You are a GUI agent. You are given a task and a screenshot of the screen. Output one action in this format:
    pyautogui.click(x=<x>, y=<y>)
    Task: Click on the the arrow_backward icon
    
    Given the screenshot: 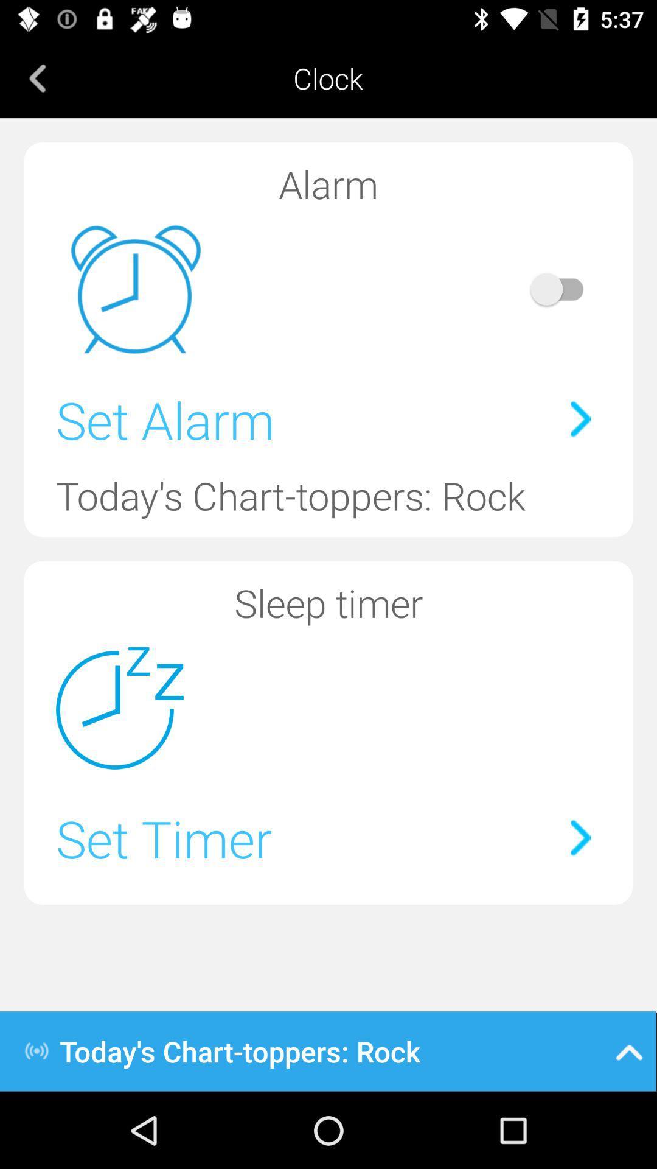 What is the action you would take?
    pyautogui.click(x=37, y=77)
    